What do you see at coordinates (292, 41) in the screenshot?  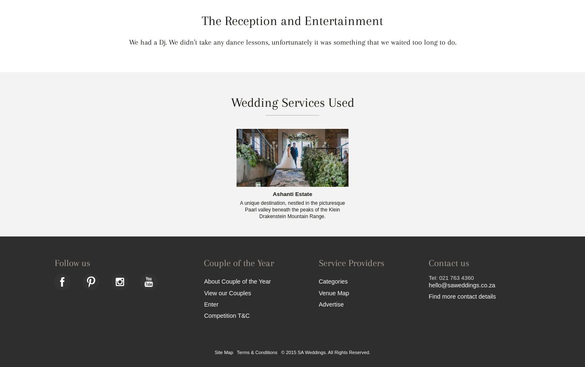 I see `'We had a Dj. We didn’t take any dance lessons, unfortunately it was something that we waited too long to do.'` at bounding box center [292, 41].